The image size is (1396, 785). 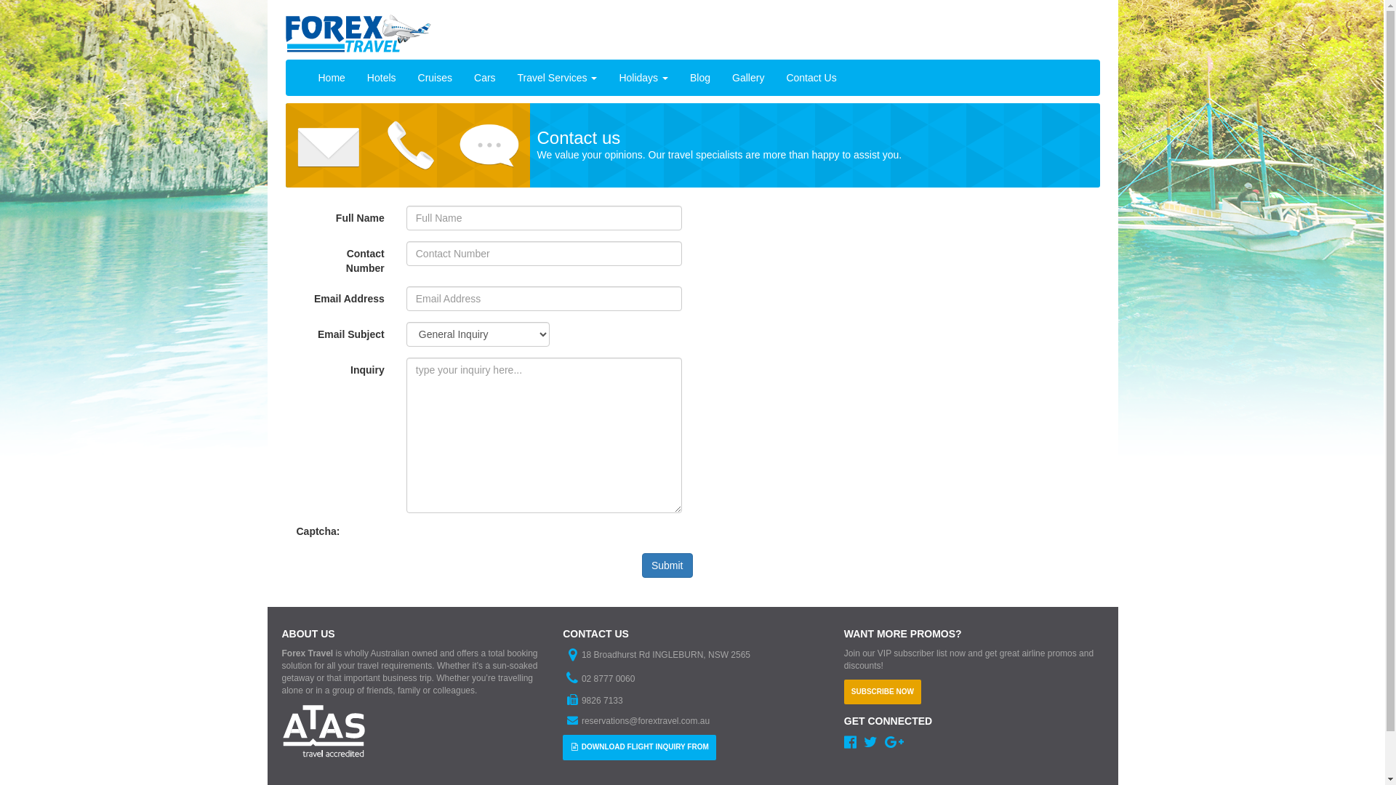 I want to click on 'Contact Us', so click(x=810, y=78).